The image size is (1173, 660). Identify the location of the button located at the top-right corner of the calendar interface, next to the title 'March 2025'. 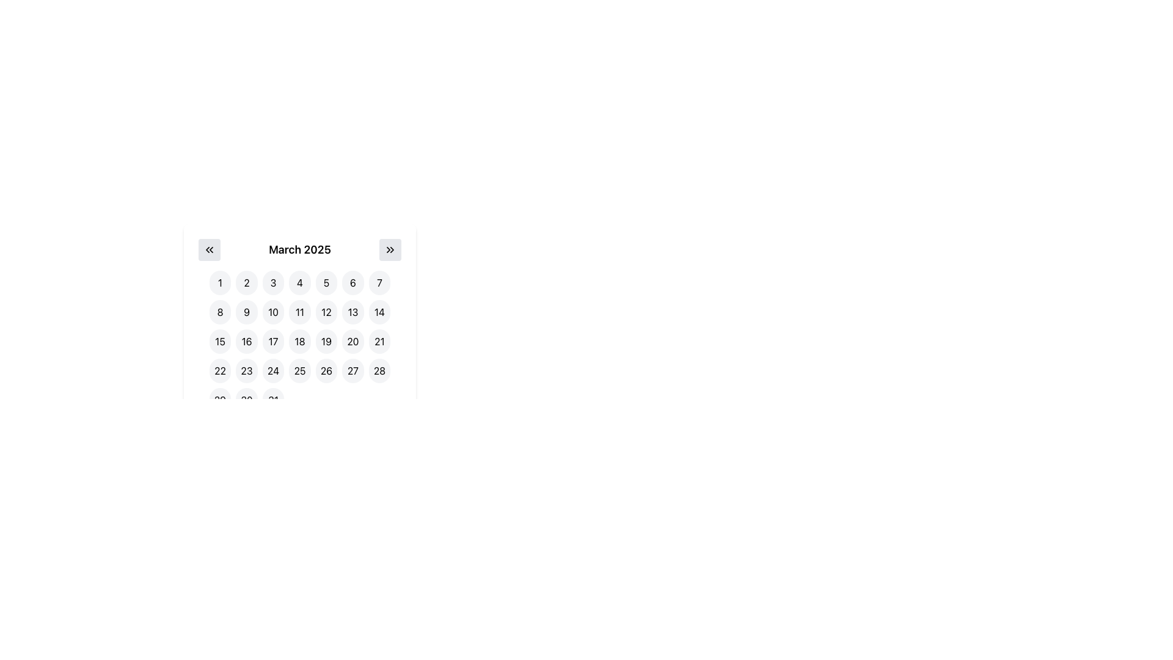
(389, 249).